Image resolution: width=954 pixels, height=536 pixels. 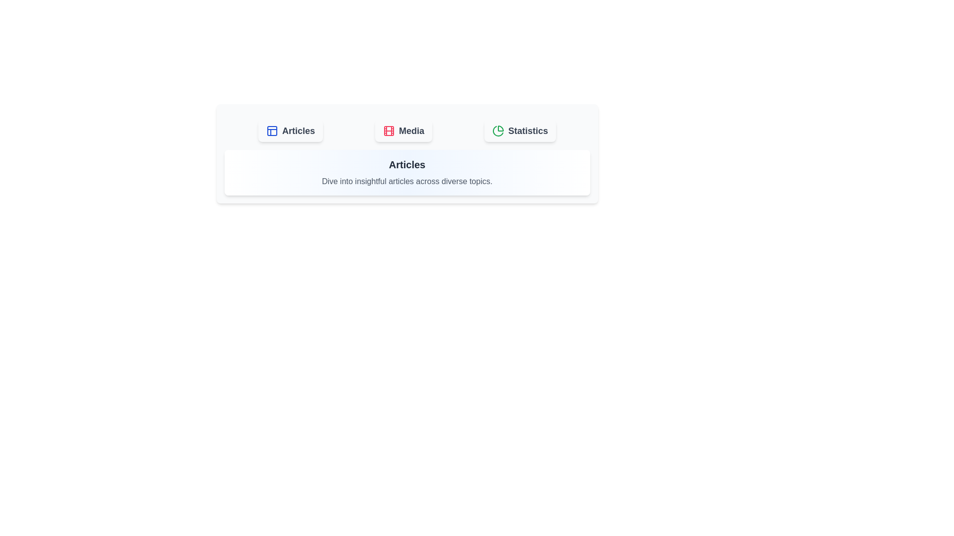 I want to click on the tab labeled Media to see its hover effect, so click(x=403, y=130).